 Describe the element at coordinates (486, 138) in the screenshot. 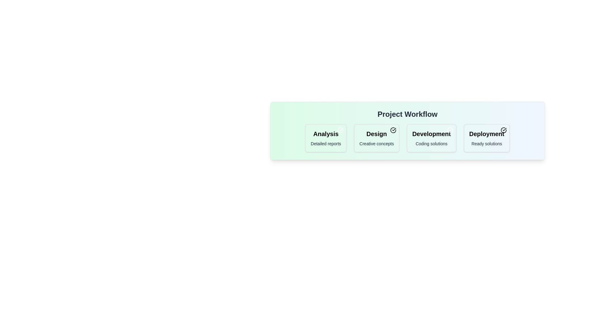

I see `the chip labeled 'Deployment'` at that location.